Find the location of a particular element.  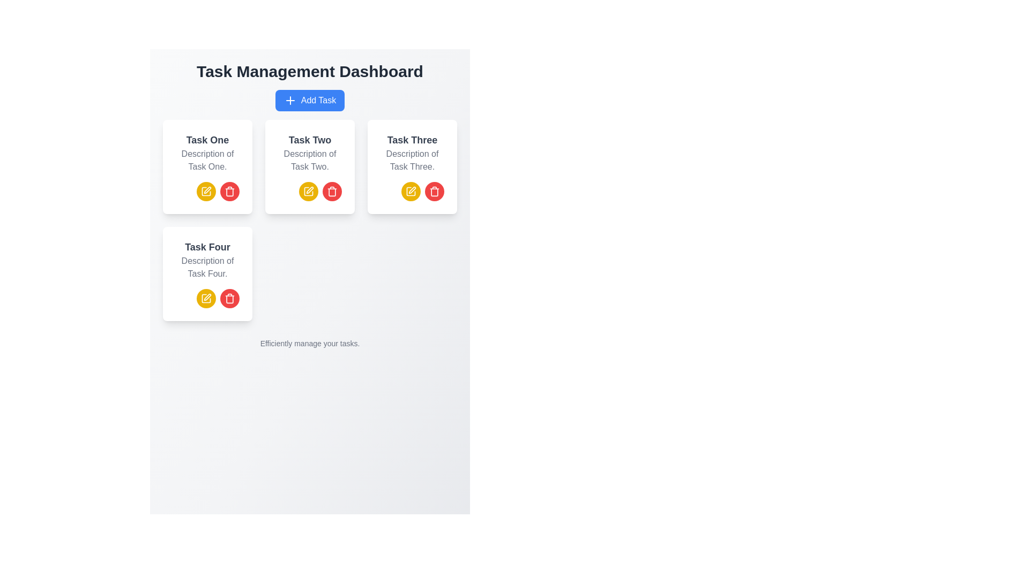

the centrally placed 'Add Task' button above the task cards in the dashboard to observe visual changes is located at coordinates (309, 101).